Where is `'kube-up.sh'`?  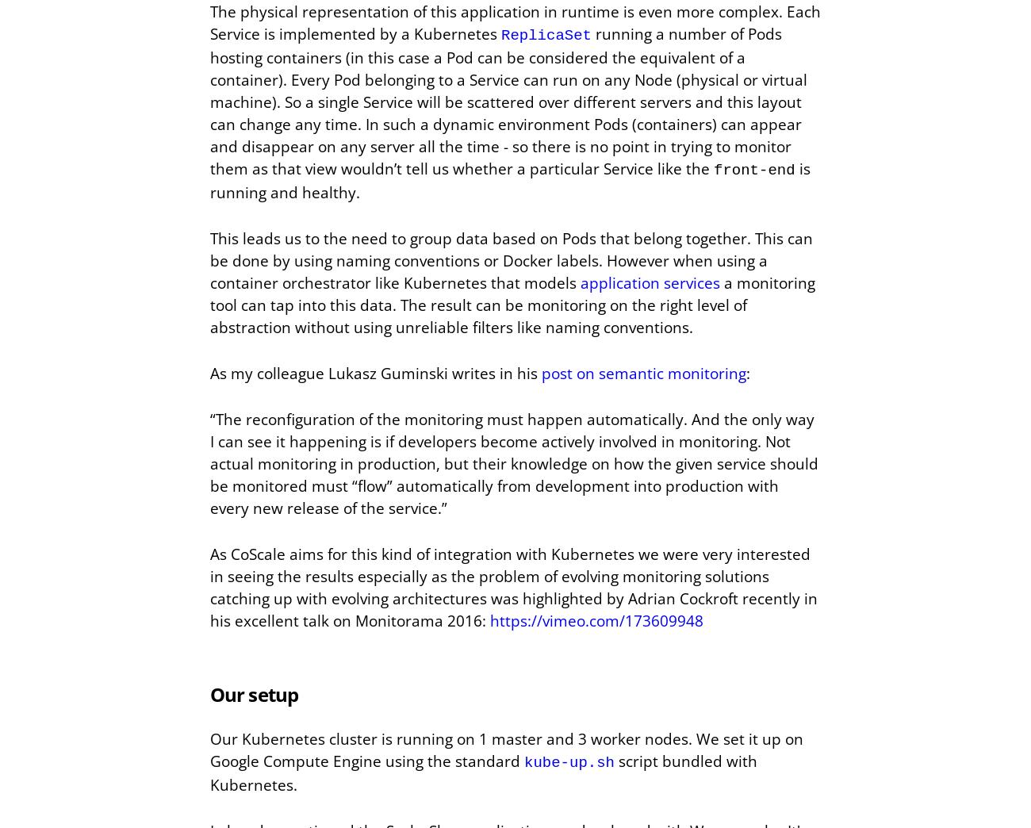 'kube-up.sh' is located at coordinates (569, 761).